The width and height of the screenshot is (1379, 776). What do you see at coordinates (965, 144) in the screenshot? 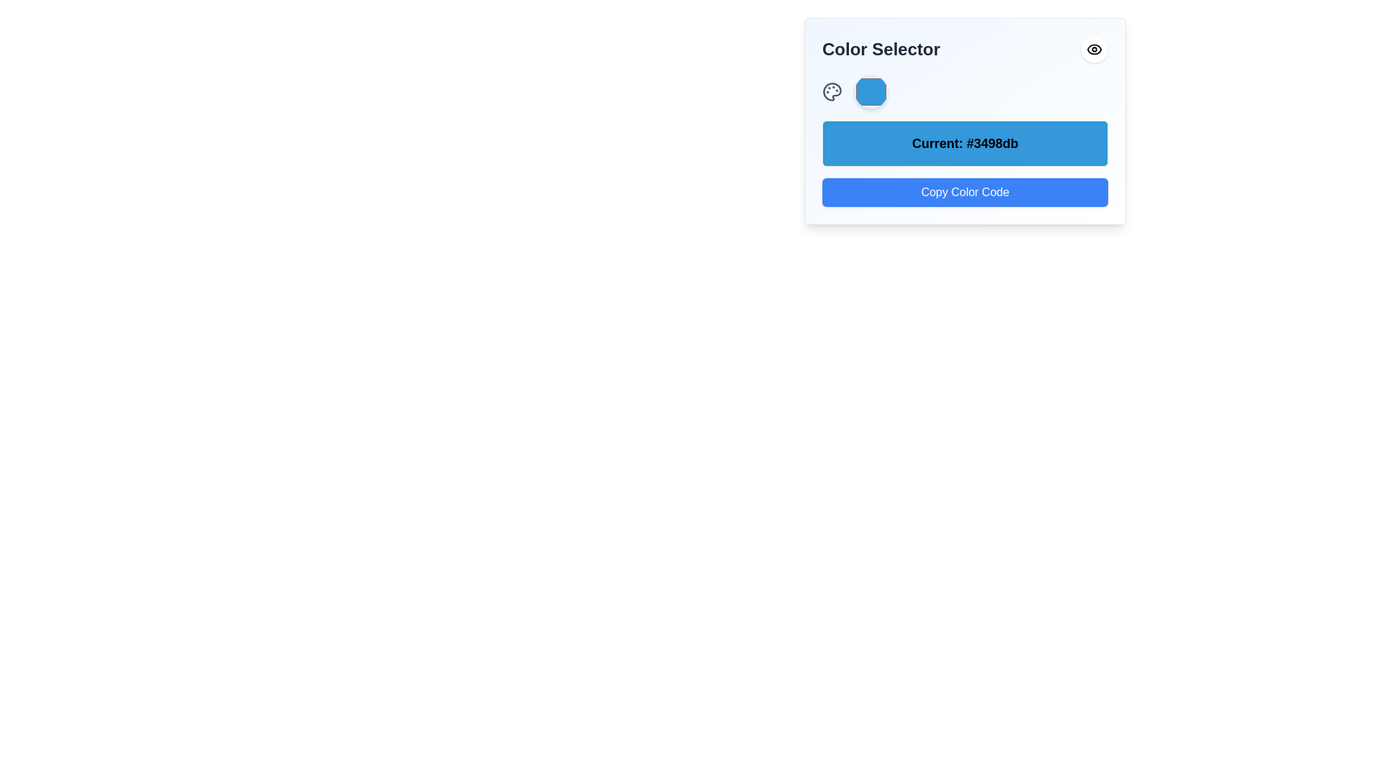
I see `the text label displaying 'Current: #3498db', which is bold and black on a blue background, located below the 'Color Selector' header and above the 'Copy Color Code' button` at bounding box center [965, 144].